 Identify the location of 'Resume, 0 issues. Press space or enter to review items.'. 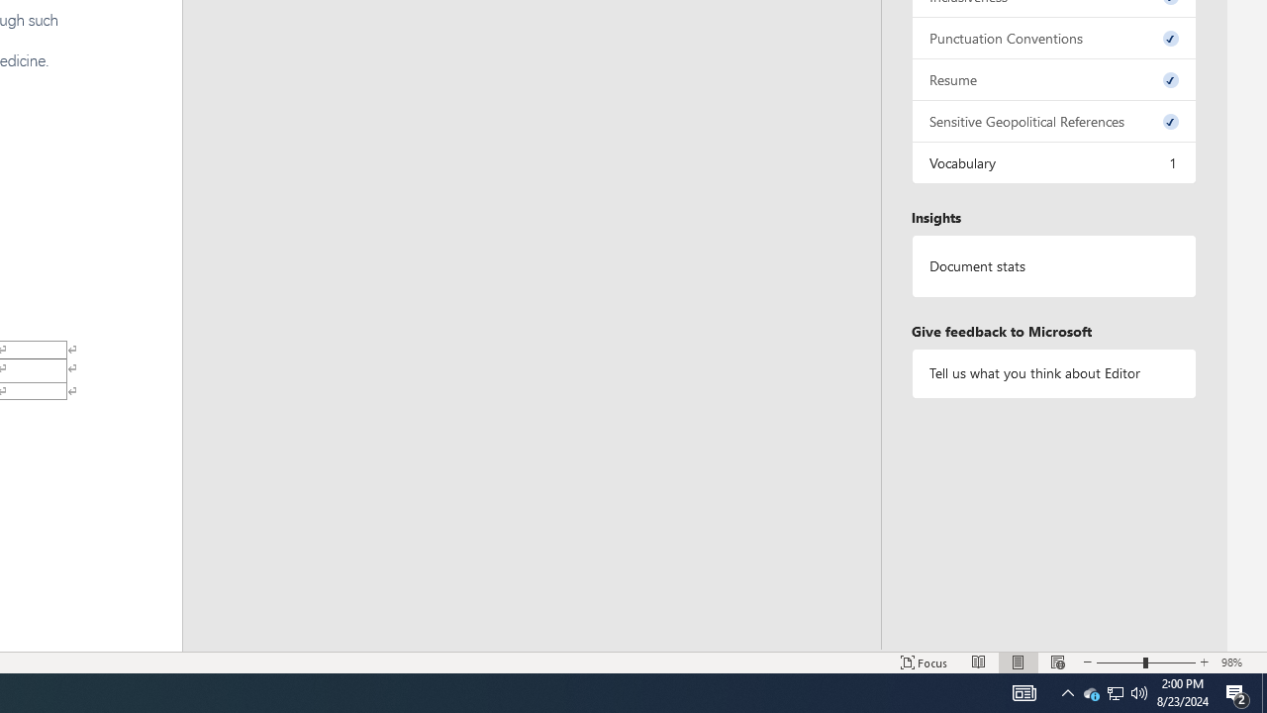
(1052, 78).